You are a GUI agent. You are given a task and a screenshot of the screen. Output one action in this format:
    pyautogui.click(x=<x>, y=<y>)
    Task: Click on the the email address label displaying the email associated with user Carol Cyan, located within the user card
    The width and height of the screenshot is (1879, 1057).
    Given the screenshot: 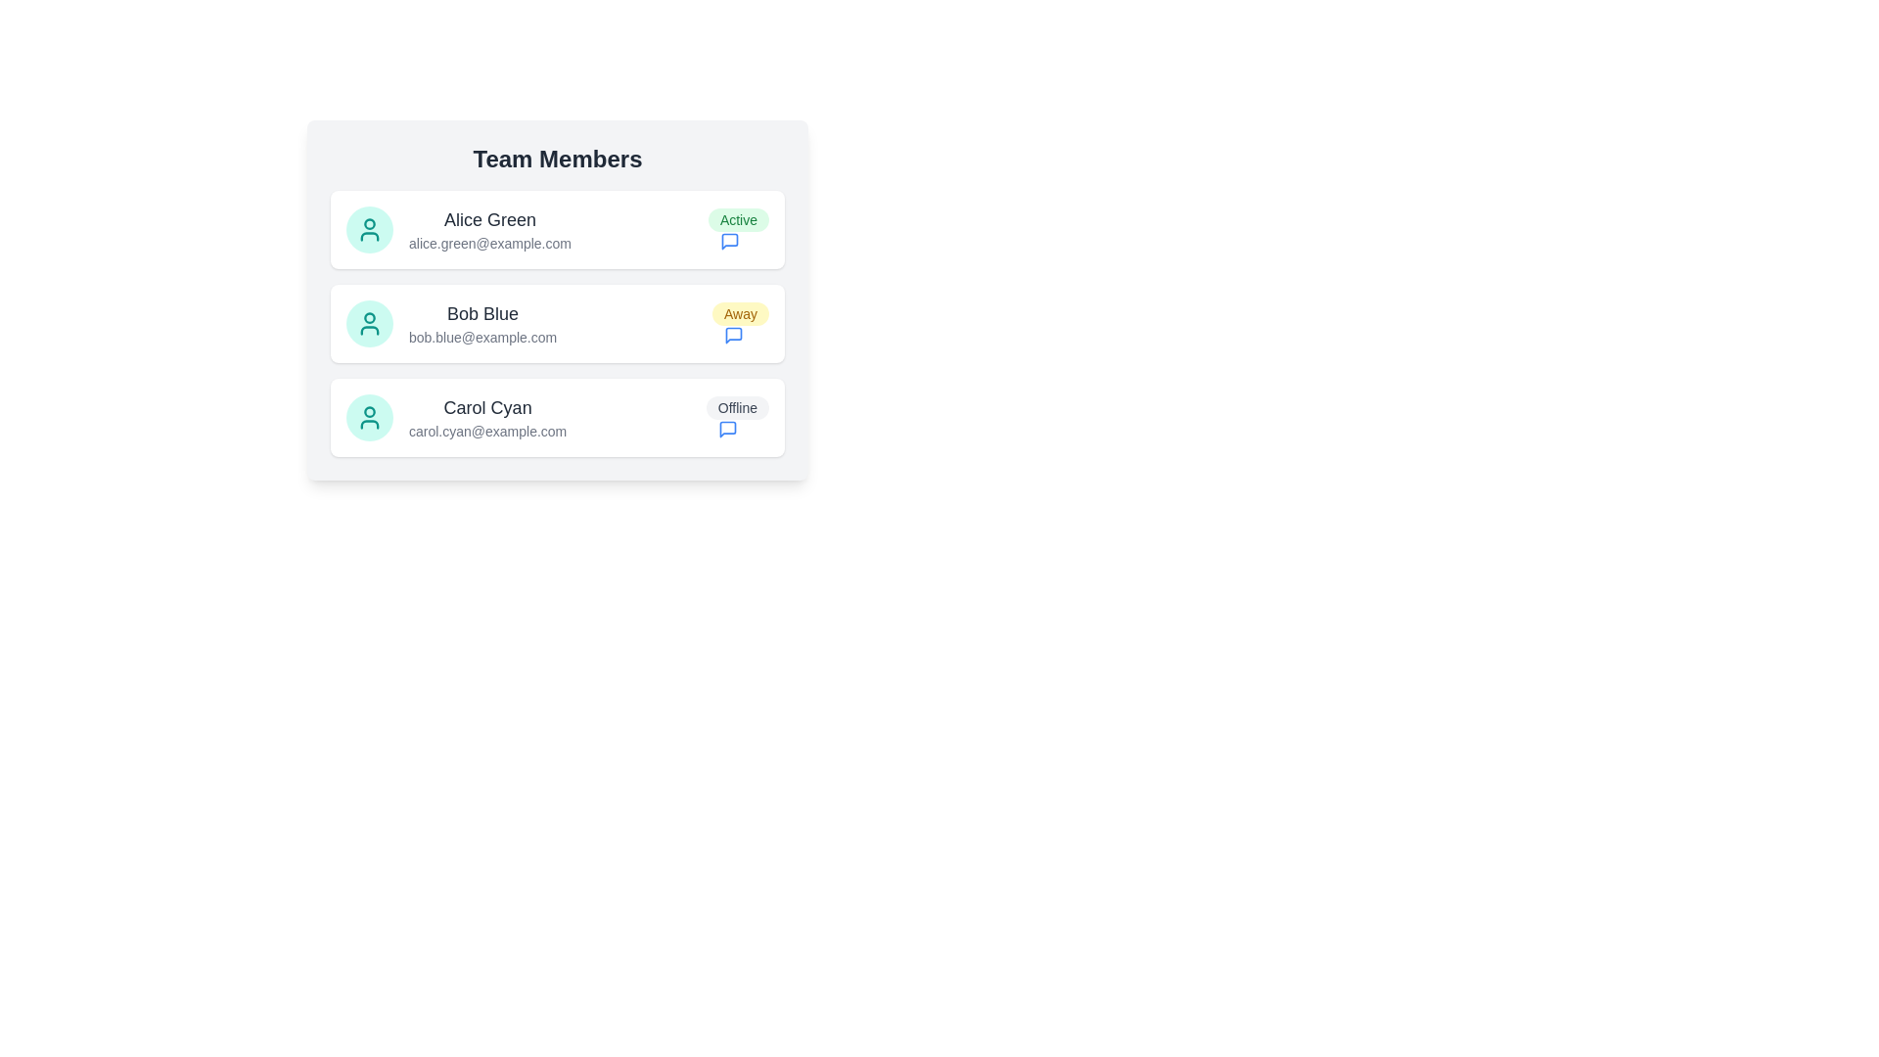 What is the action you would take?
    pyautogui.click(x=487, y=430)
    